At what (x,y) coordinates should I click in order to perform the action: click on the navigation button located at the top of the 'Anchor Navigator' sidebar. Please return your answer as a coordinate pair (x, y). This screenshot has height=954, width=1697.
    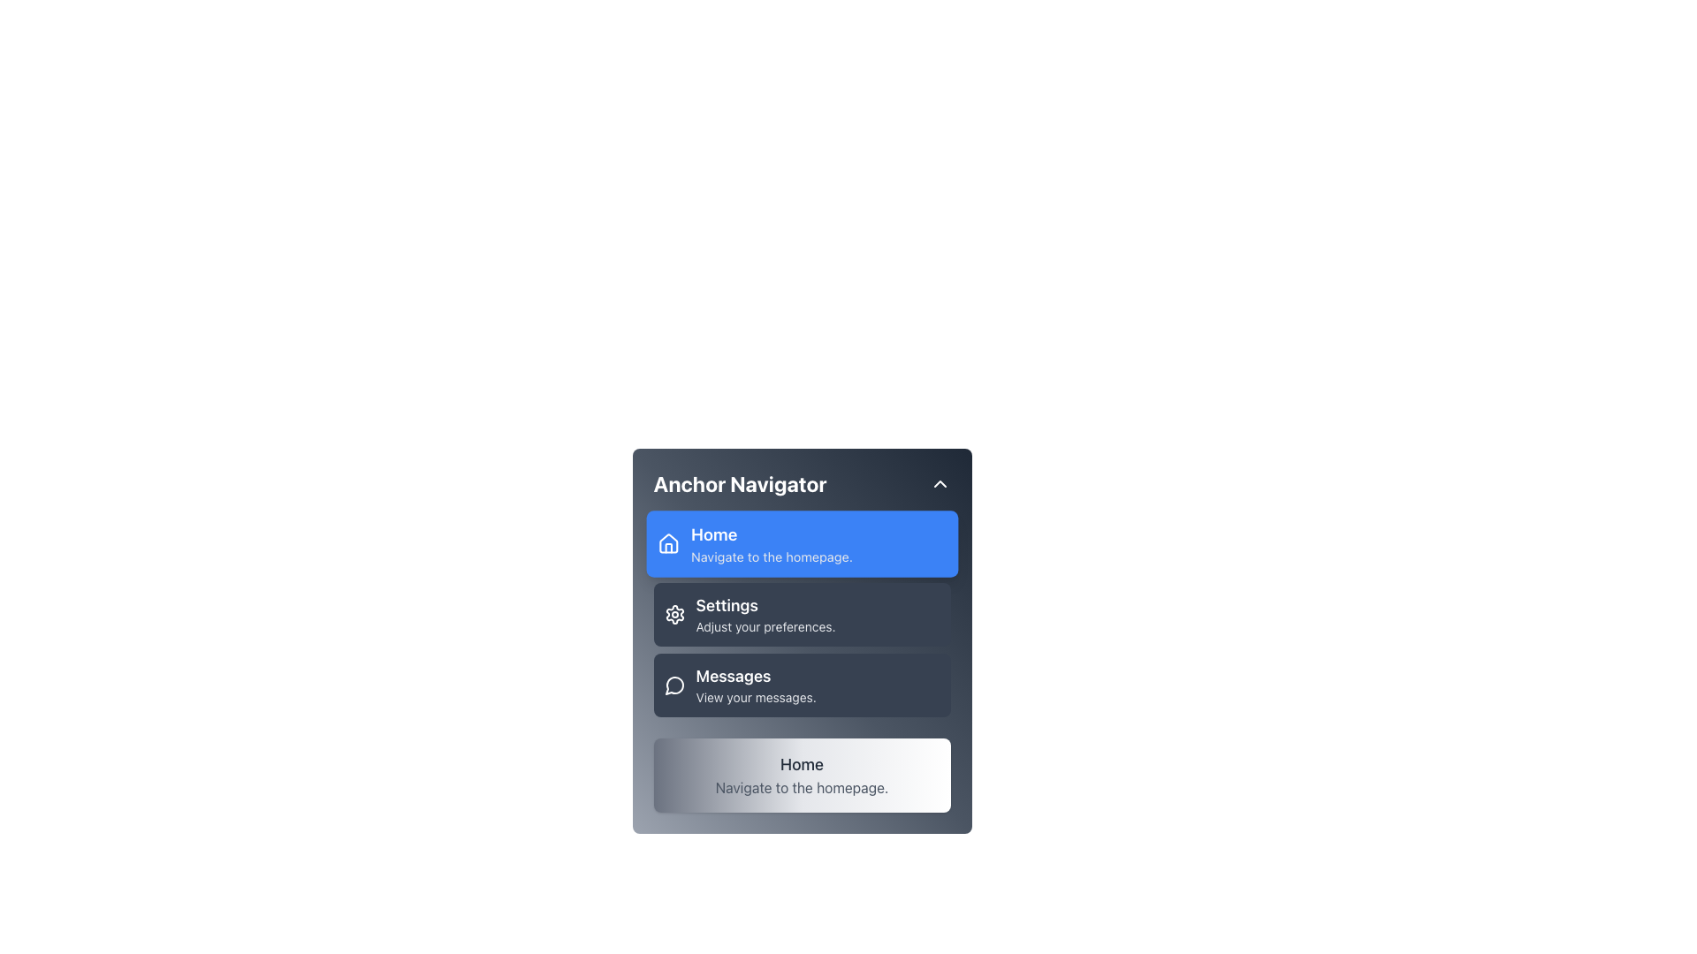
    Looking at the image, I should click on (801, 543).